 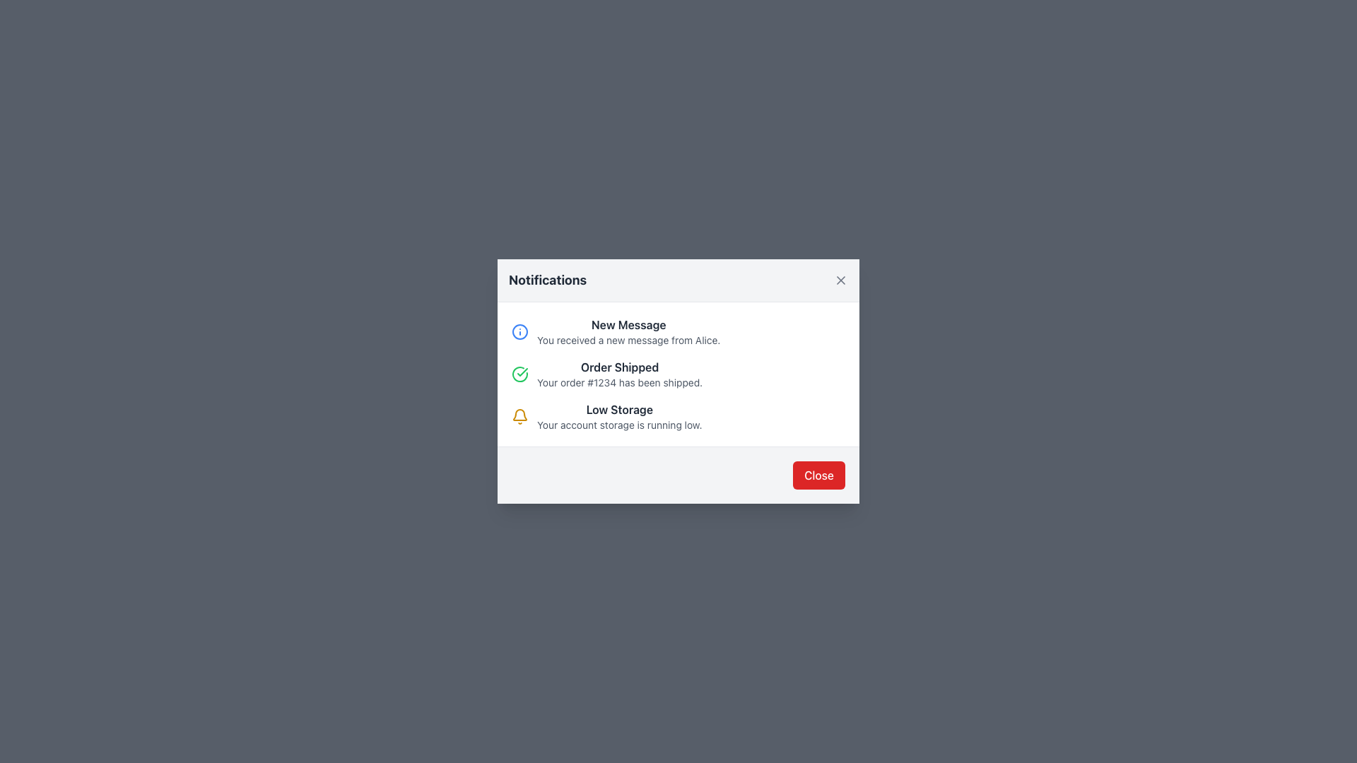 I want to click on the Text Label that conveys the critical information about the account storage running low, located within the notification box under the 'Low Storage' heading, so click(x=619, y=424).